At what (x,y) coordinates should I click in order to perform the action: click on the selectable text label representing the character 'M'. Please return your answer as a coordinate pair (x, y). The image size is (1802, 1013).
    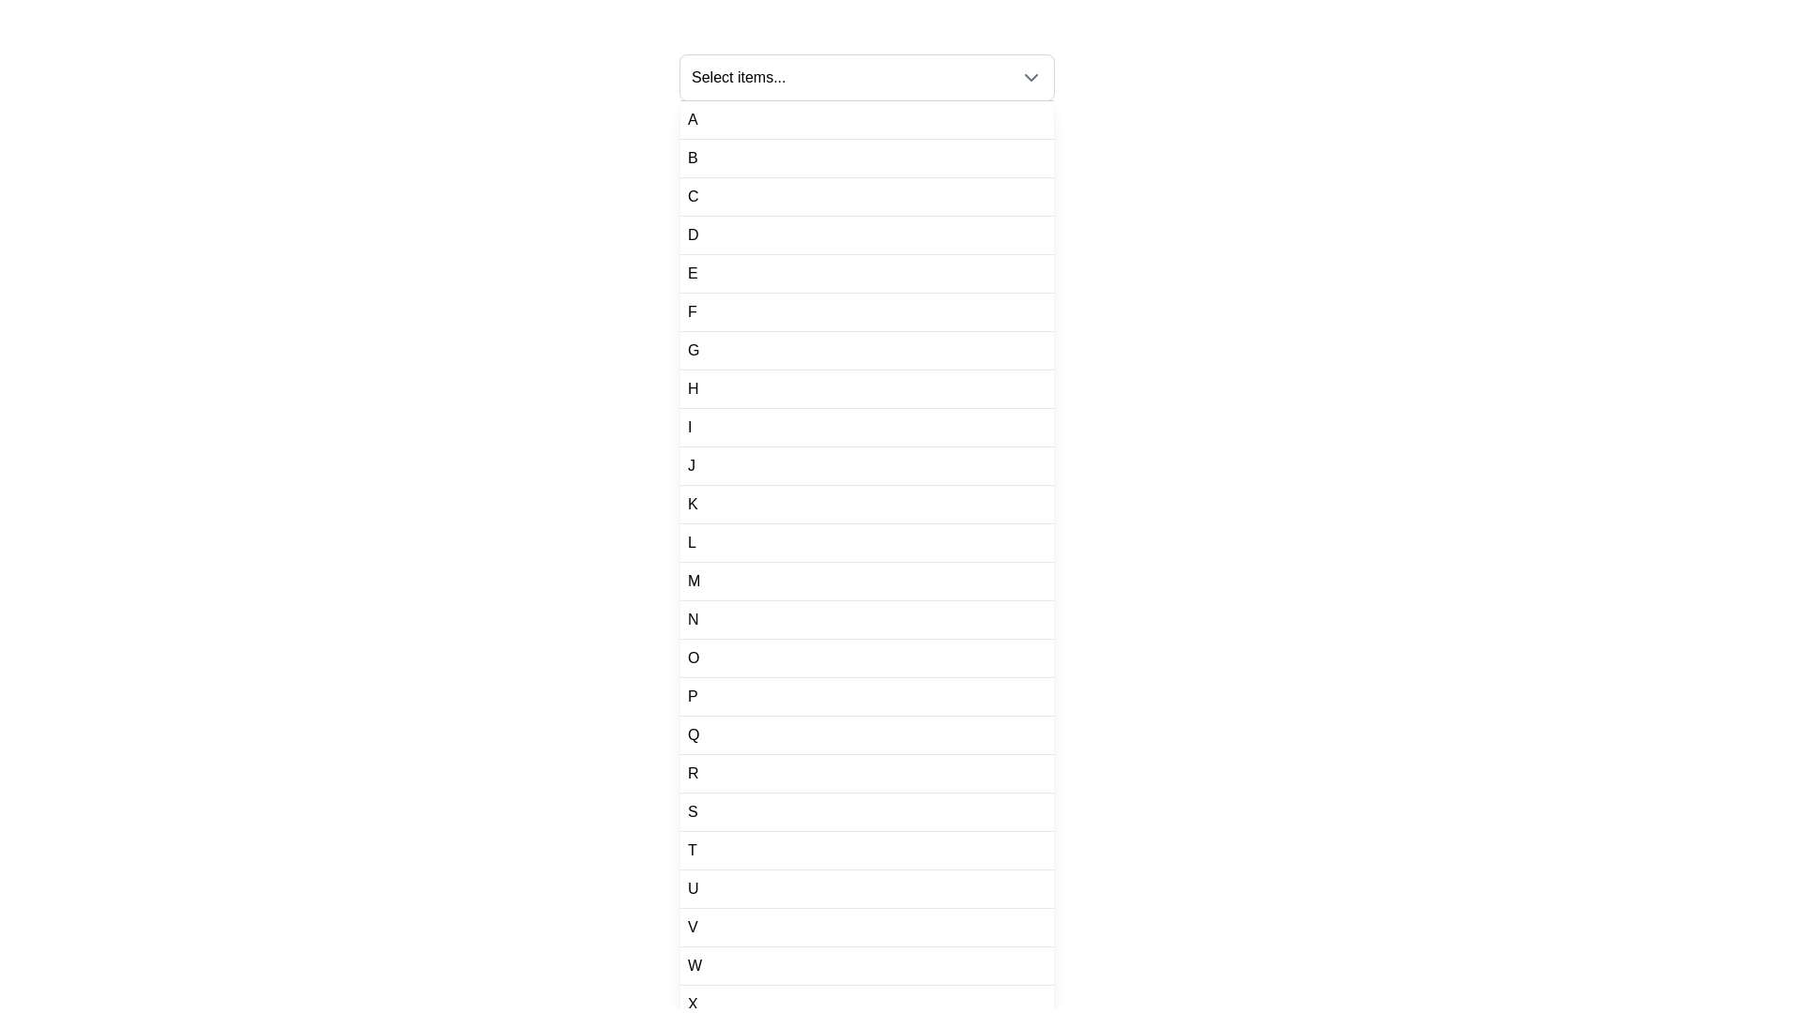
    Looking at the image, I should click on (693, 581).